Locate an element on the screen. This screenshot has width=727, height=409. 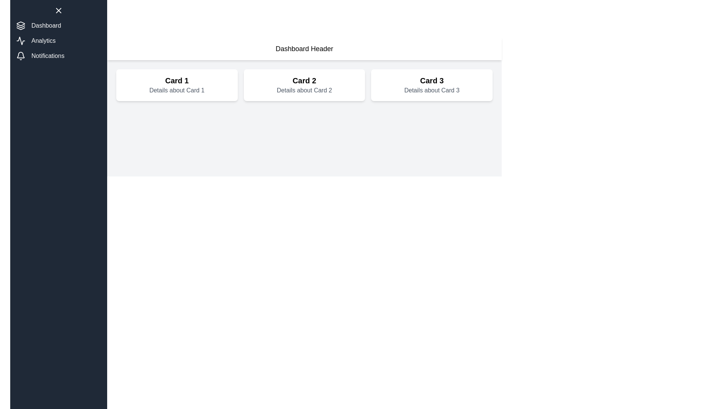
the icon resembling a layered stack located in the left-side vertical navigation panel, which indicates layers or grouped content is located at coordinates (20, 28).